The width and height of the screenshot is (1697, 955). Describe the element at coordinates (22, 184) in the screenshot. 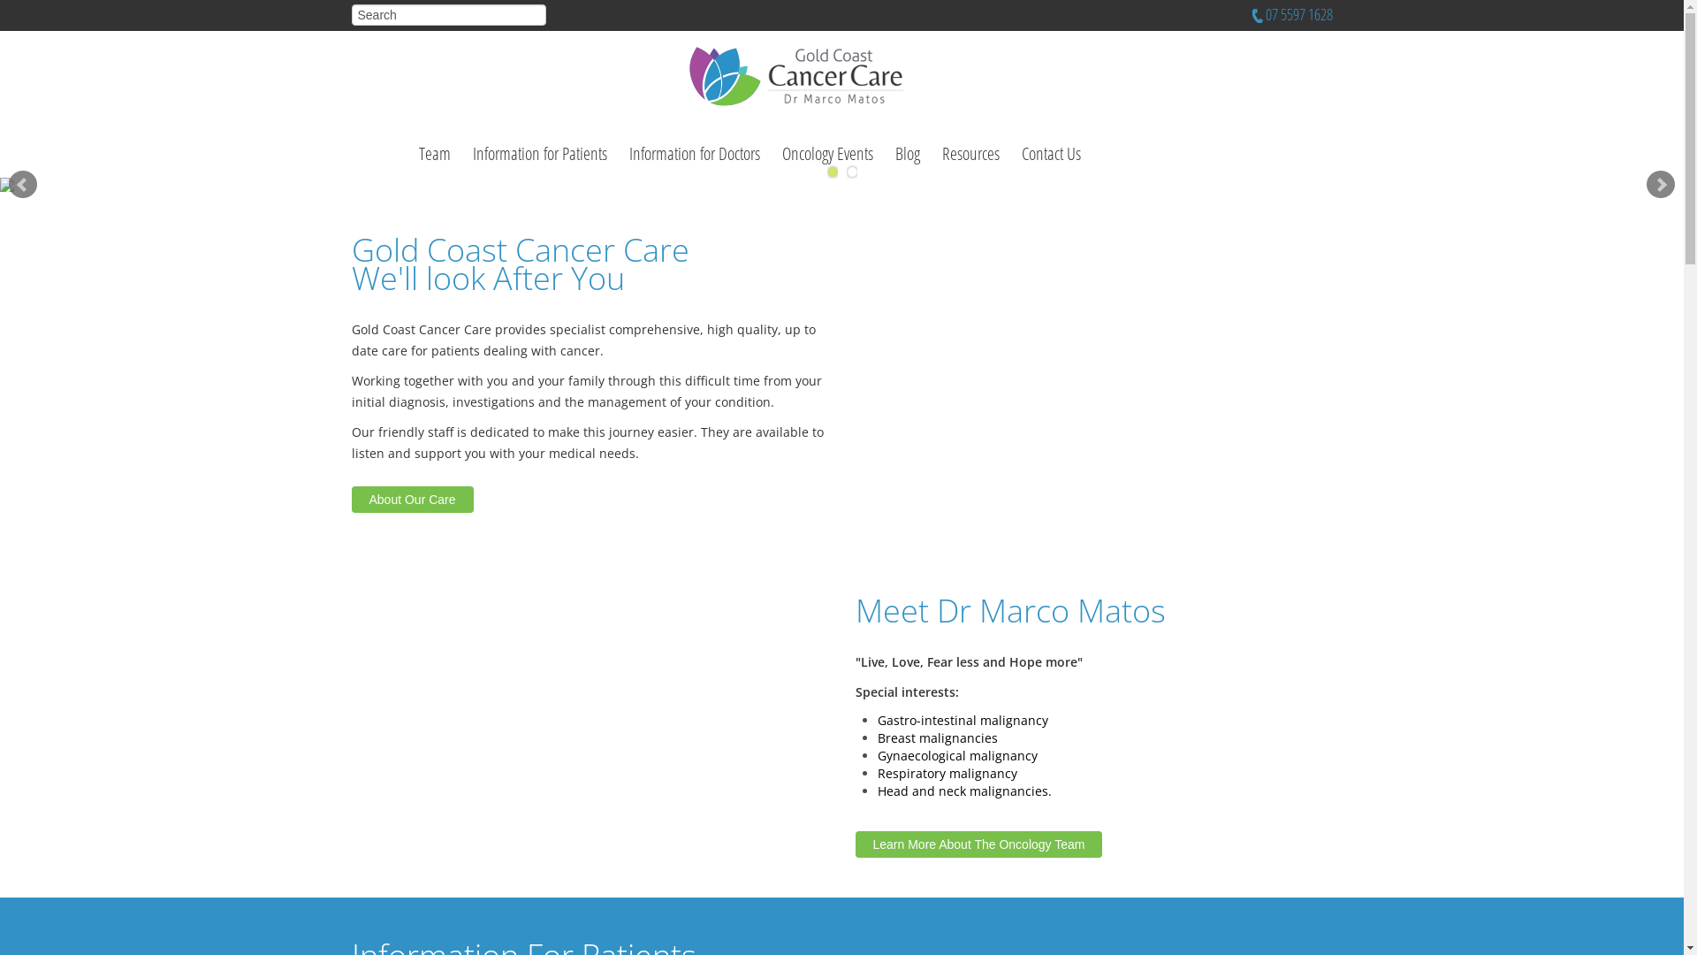

I see `'Prev'` at that location.